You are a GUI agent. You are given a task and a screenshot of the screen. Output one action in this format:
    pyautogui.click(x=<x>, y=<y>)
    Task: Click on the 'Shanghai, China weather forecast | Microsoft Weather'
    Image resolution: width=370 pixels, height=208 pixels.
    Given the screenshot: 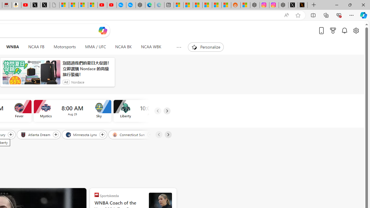 What is the action you would take?
    pyautogui.click(x=188, y=5)
    